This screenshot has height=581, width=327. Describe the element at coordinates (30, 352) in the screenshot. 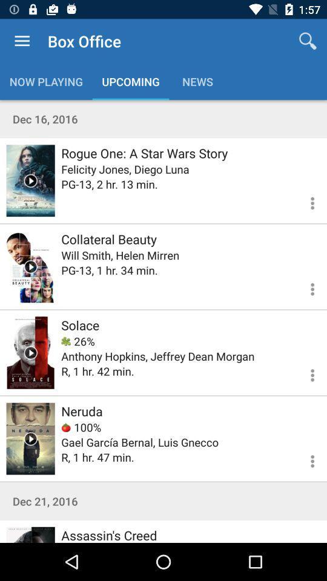

I see `open movie` at that location.